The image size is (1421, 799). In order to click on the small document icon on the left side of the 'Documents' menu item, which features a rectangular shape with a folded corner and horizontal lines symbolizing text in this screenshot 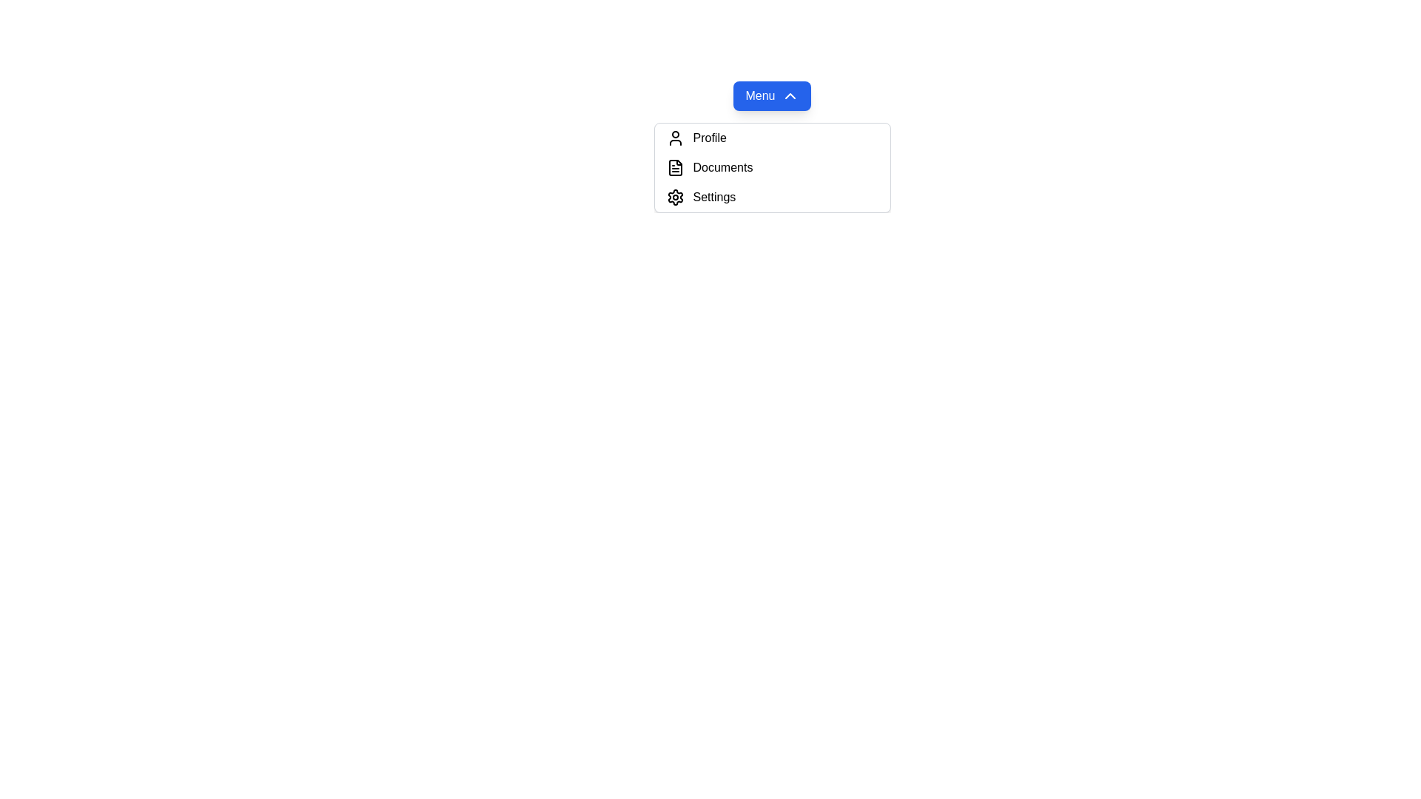, I will do `click(674, 167)`.